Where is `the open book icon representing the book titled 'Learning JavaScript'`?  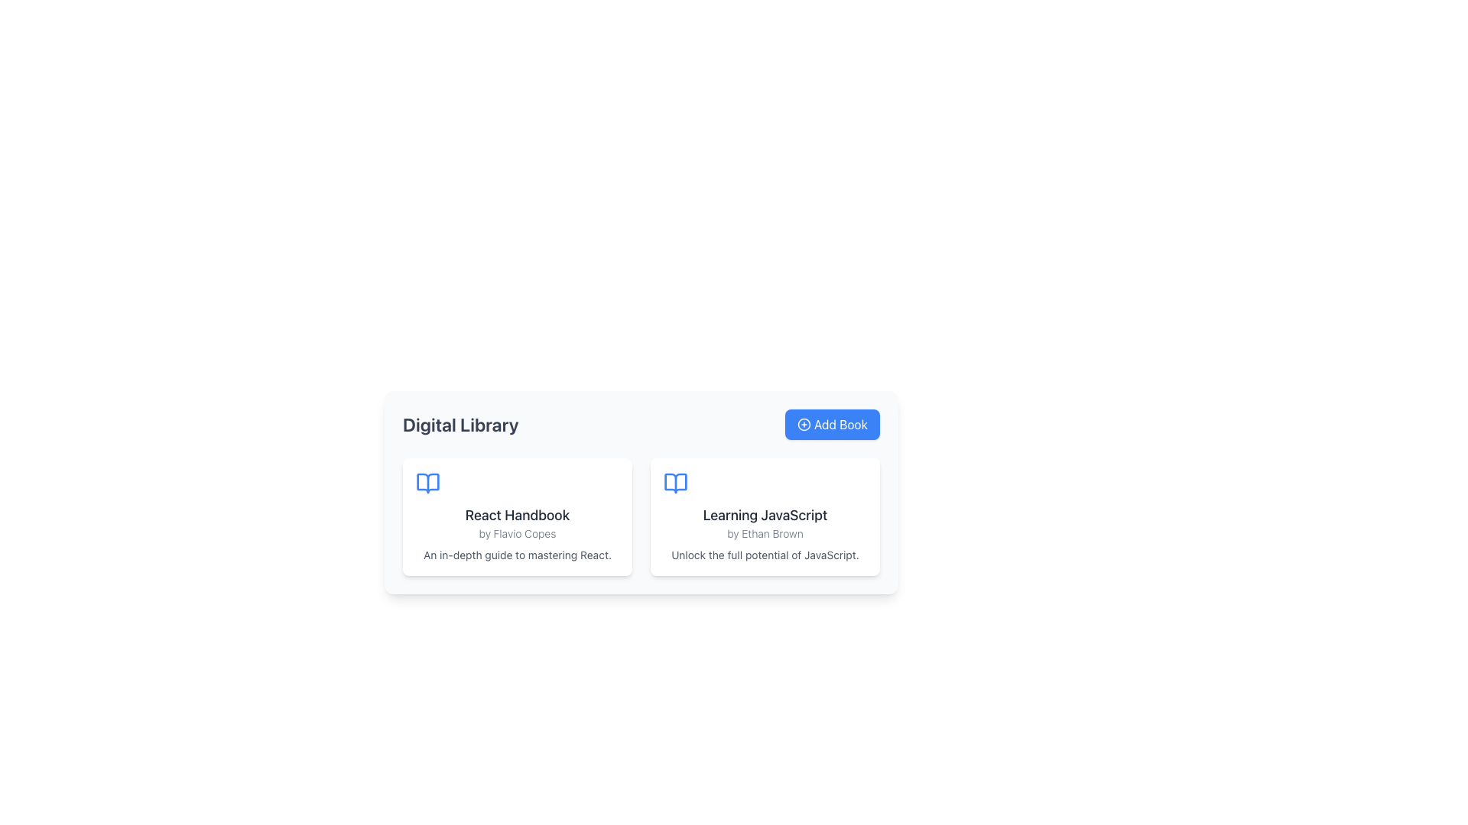 the open book icon representing the book titled 'Learning JavaScript' is located at coordinates (674, 483).